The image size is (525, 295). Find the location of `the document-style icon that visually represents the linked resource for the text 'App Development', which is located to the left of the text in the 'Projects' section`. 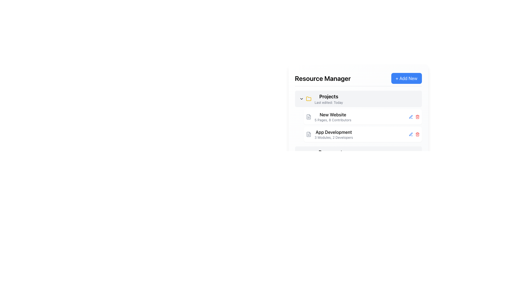

the document-style icon that visually represents the linked resource for the text 'App Development', which is located to the left of the text in the 'Projects' section is located at coordinates (308, 134).